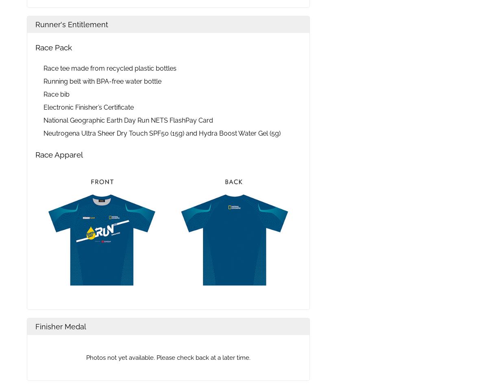  I want to click on 'Race Pack', so click(54, 47).